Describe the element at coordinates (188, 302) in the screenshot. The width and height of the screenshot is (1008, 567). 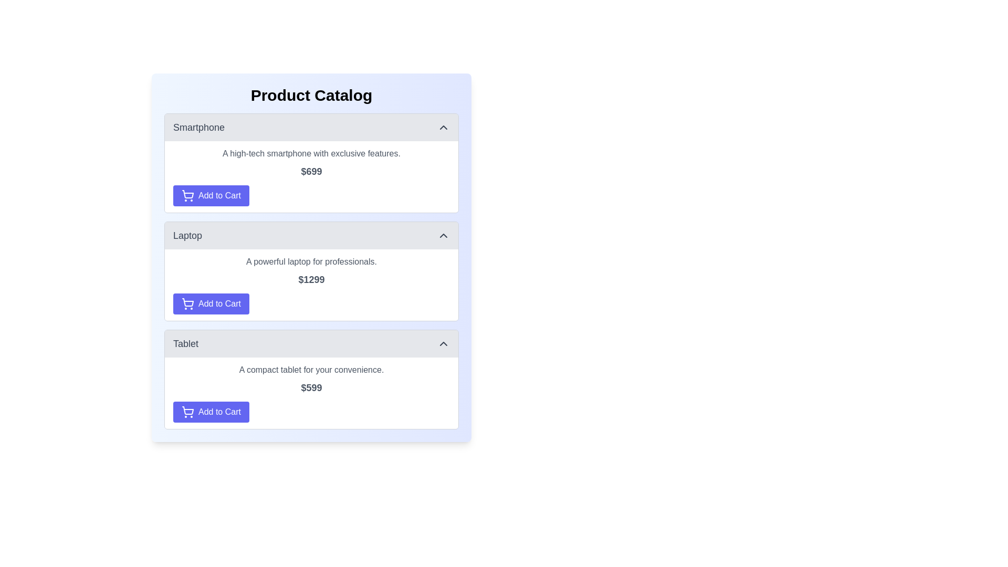
I see `the 'Add to Cart' icon for the Laptop product, which is represented by a shopping cart symbol` at that location.